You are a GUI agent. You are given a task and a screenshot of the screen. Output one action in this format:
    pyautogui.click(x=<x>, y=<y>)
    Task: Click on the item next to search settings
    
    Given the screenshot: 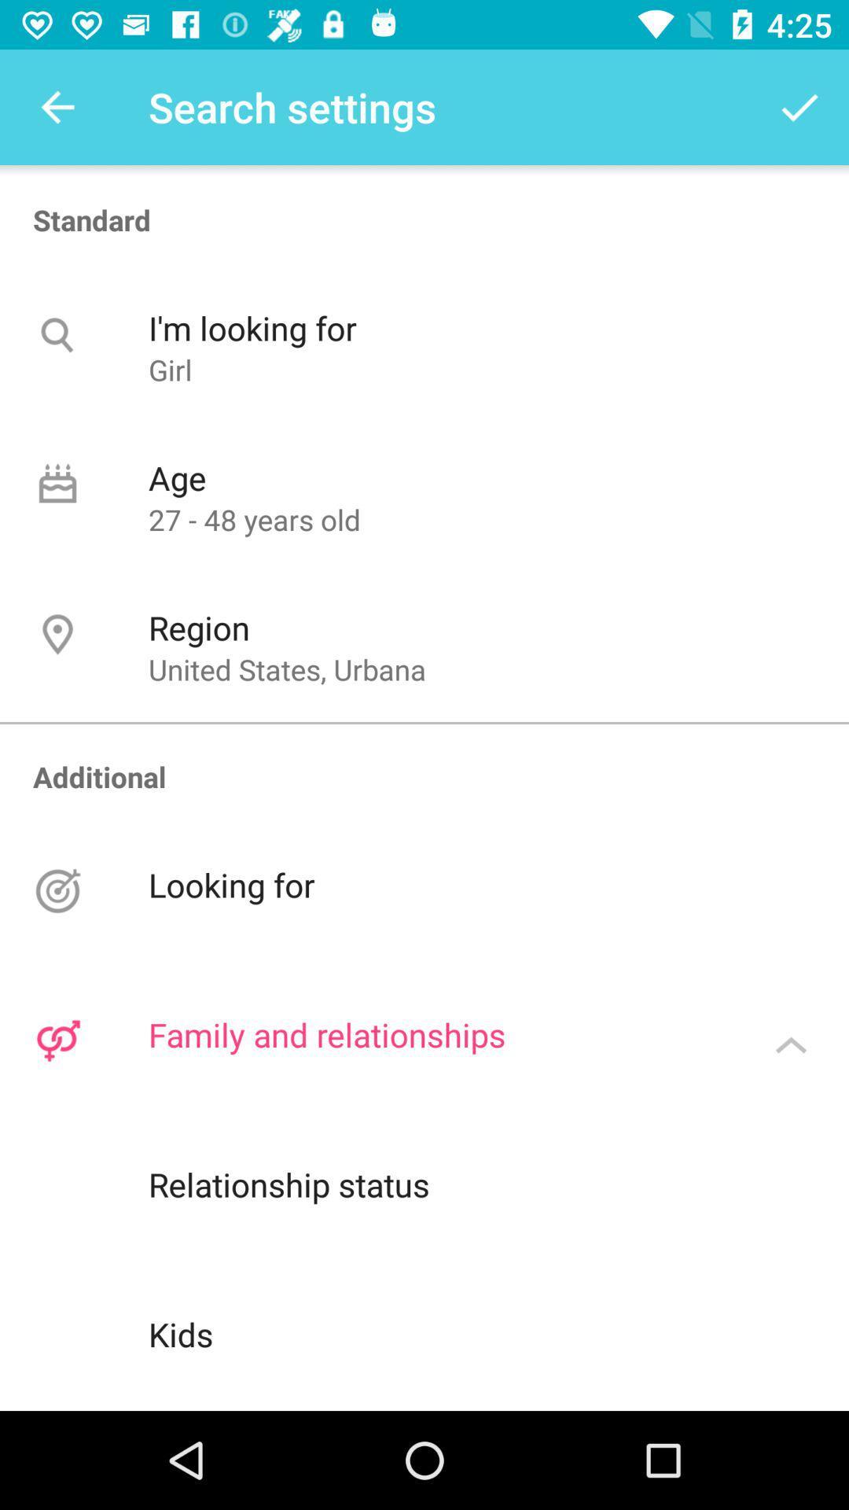 What is the action you would take?
    pyautogui.click(x=57, y=106)
    